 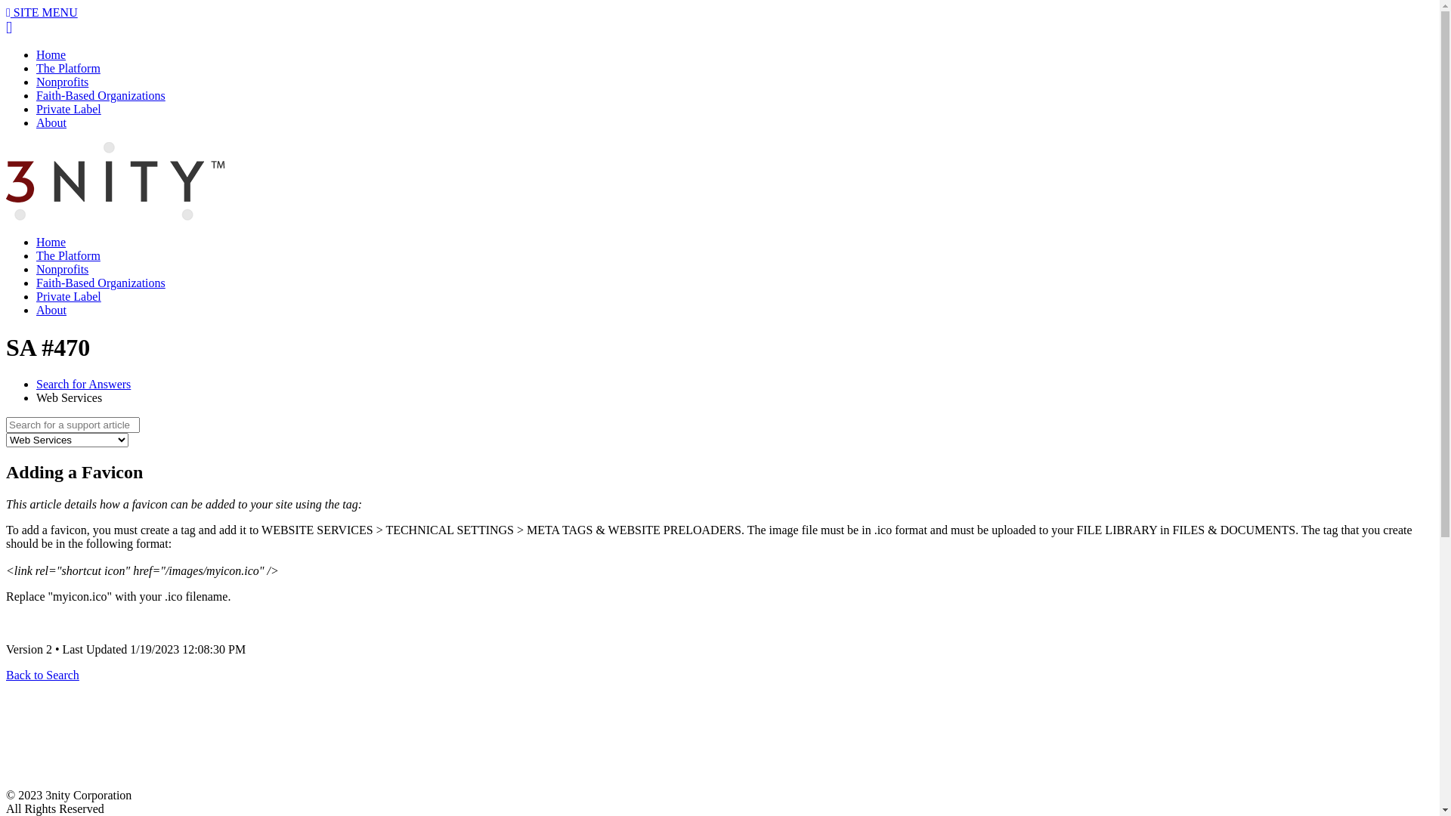 I want to click on 'SITE MENU', so click(x=6, y=12).